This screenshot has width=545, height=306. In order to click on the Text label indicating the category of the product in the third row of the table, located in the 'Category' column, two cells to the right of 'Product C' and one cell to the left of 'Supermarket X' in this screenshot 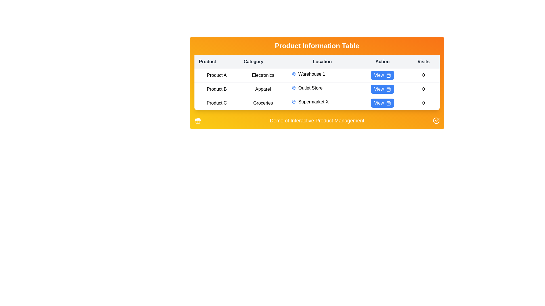, I will do `click(263, 103)`.